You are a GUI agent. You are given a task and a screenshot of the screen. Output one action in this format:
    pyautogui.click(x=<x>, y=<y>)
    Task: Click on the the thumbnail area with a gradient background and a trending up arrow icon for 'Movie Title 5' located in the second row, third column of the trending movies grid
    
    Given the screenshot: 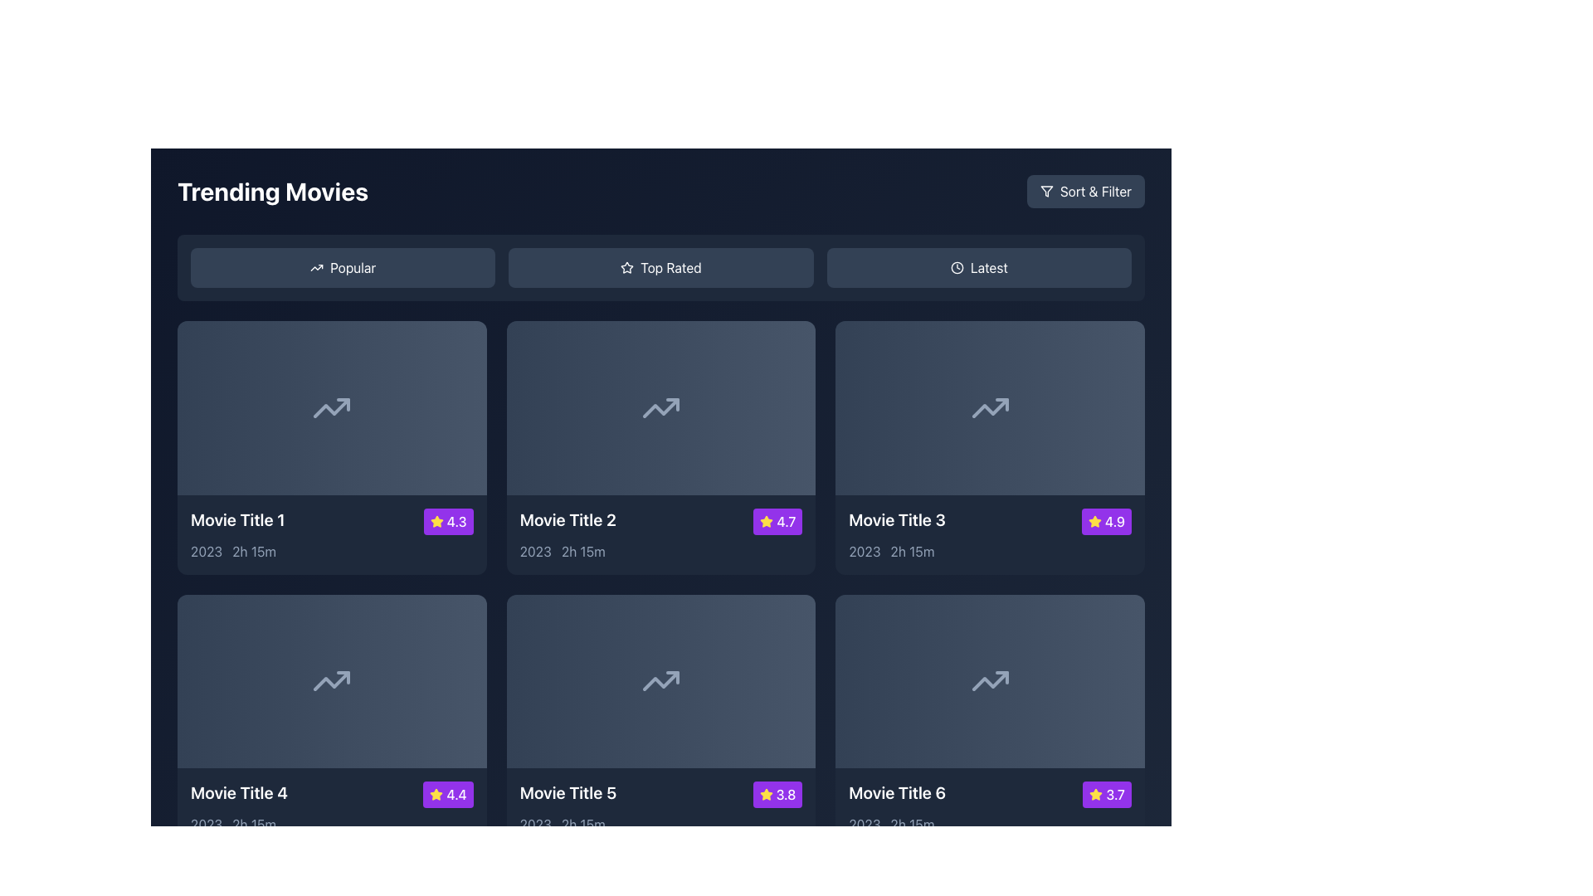 What is the action you would take?
    pyautogui.click(x=660, y=681)
    